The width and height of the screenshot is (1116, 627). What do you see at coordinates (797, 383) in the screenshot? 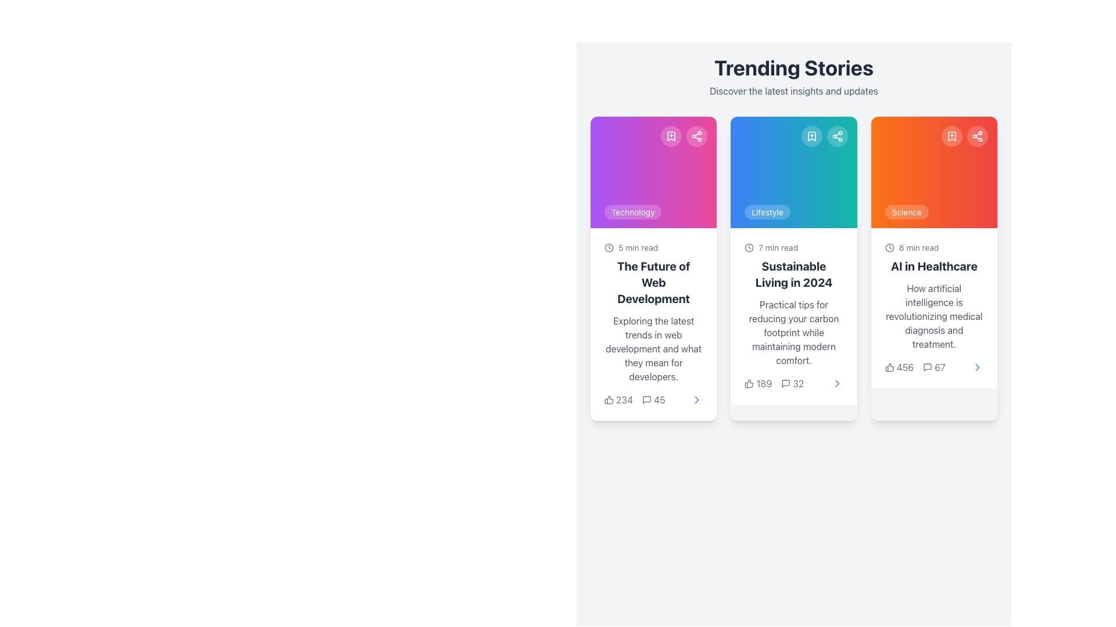
I see `the numeric text '32' which indicates the number of comments associated with the second card in the 'Trending Stories' section, located underneath the 'Sustainable Living in 2024' description` at bounding box center [797, 383].